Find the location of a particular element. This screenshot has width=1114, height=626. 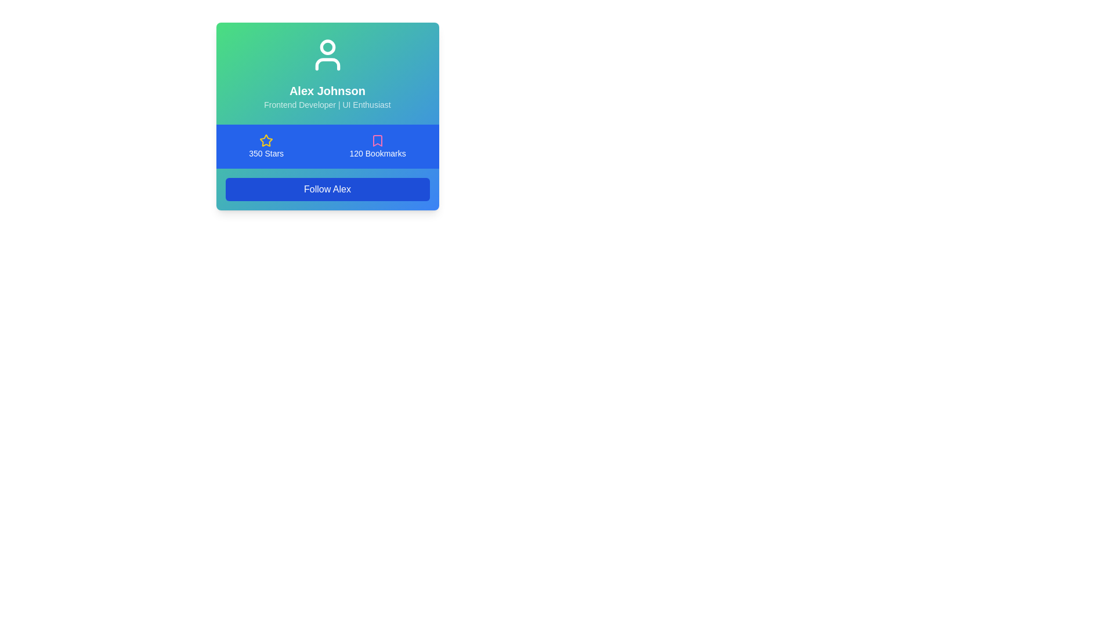

the user icon, which is a silhouette of a person's upper body styled with rounded lines, displayed in white on a gradient green-blue background, located at the top-center of a profile card is located at coordinates (327, 55).